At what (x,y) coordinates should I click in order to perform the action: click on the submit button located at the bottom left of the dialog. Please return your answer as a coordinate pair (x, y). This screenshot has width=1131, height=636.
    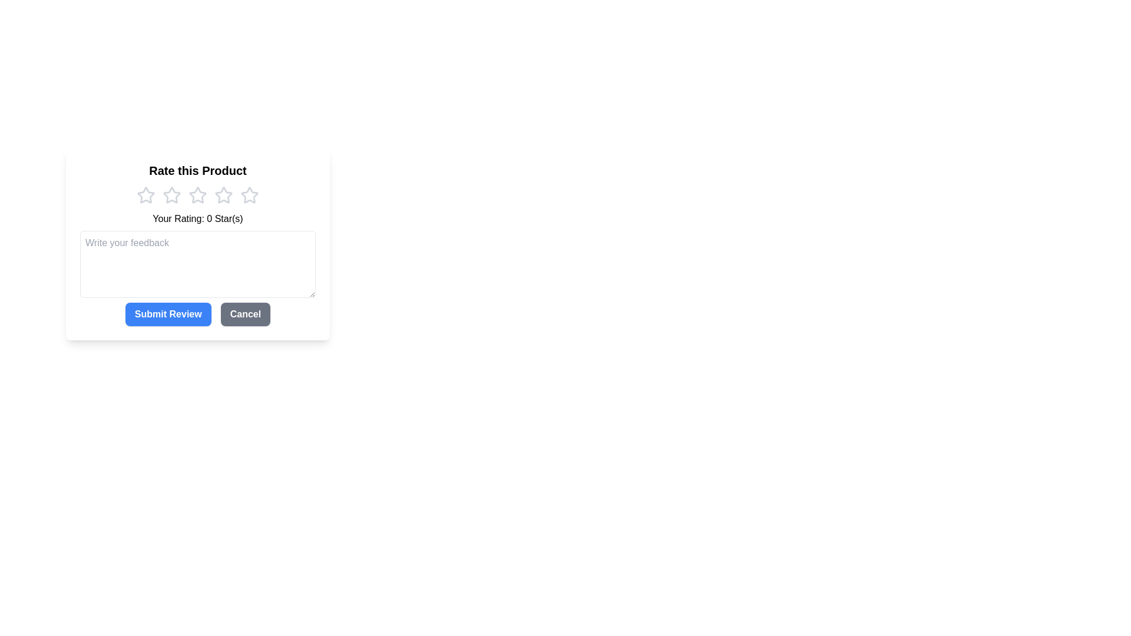
    Looking at the image, I should click on (167, 313).